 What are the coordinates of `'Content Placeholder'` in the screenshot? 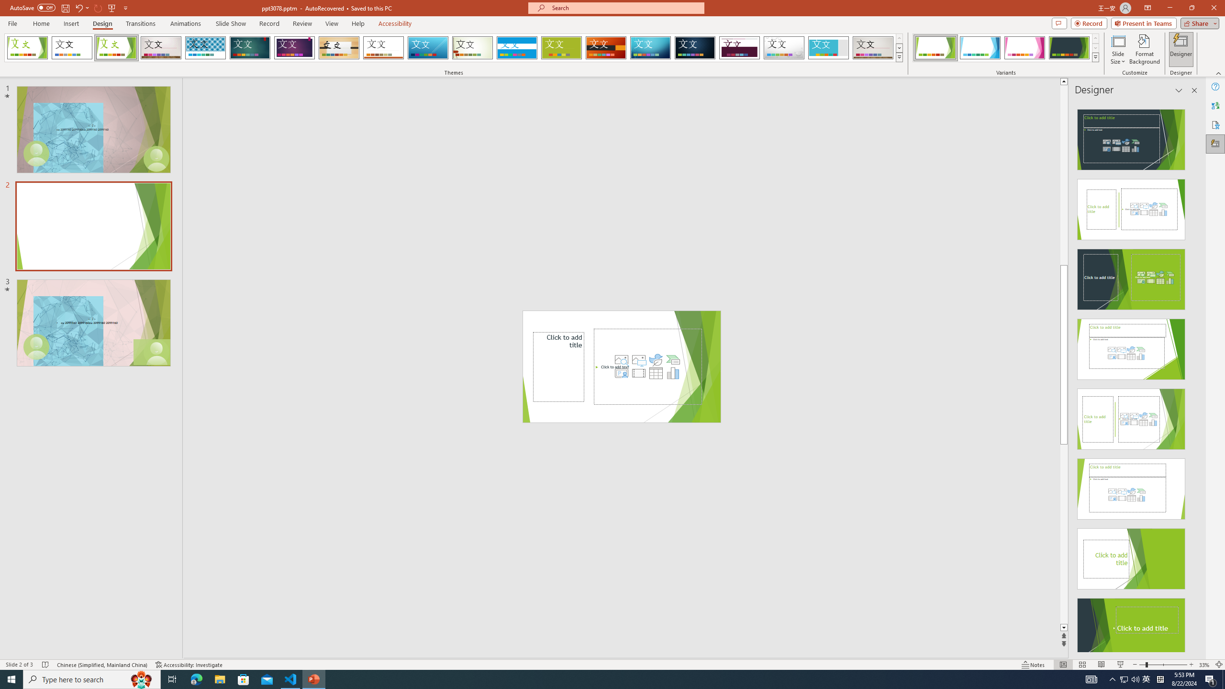 It's located at (647, 366).